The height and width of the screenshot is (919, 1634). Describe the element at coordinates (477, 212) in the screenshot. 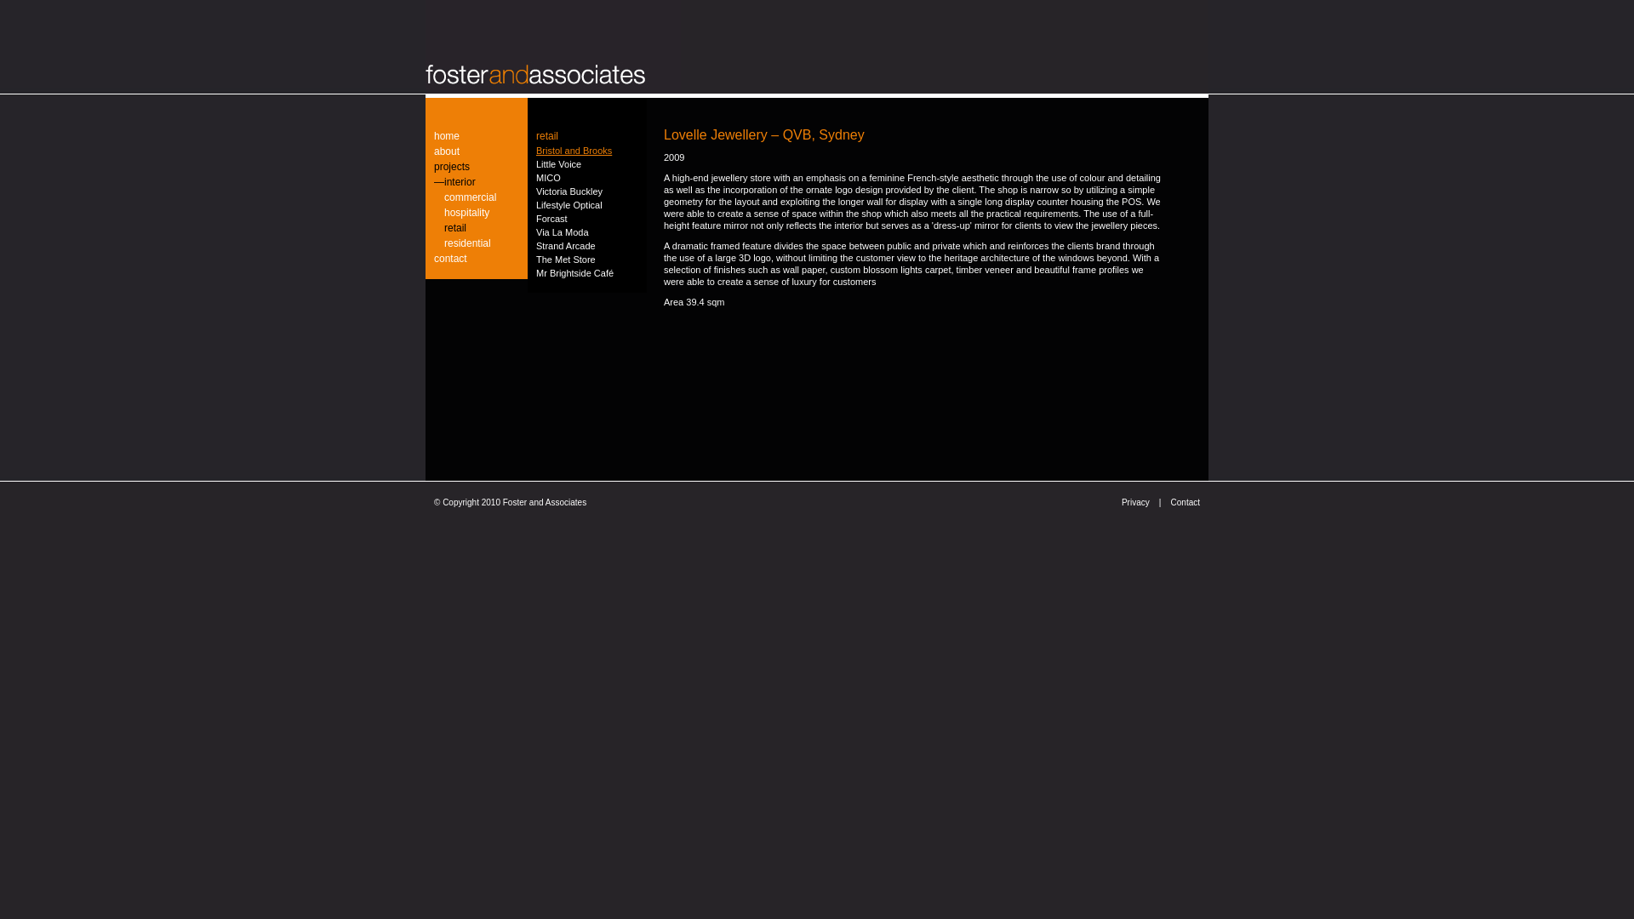

I see `'hospitality'` at that location.